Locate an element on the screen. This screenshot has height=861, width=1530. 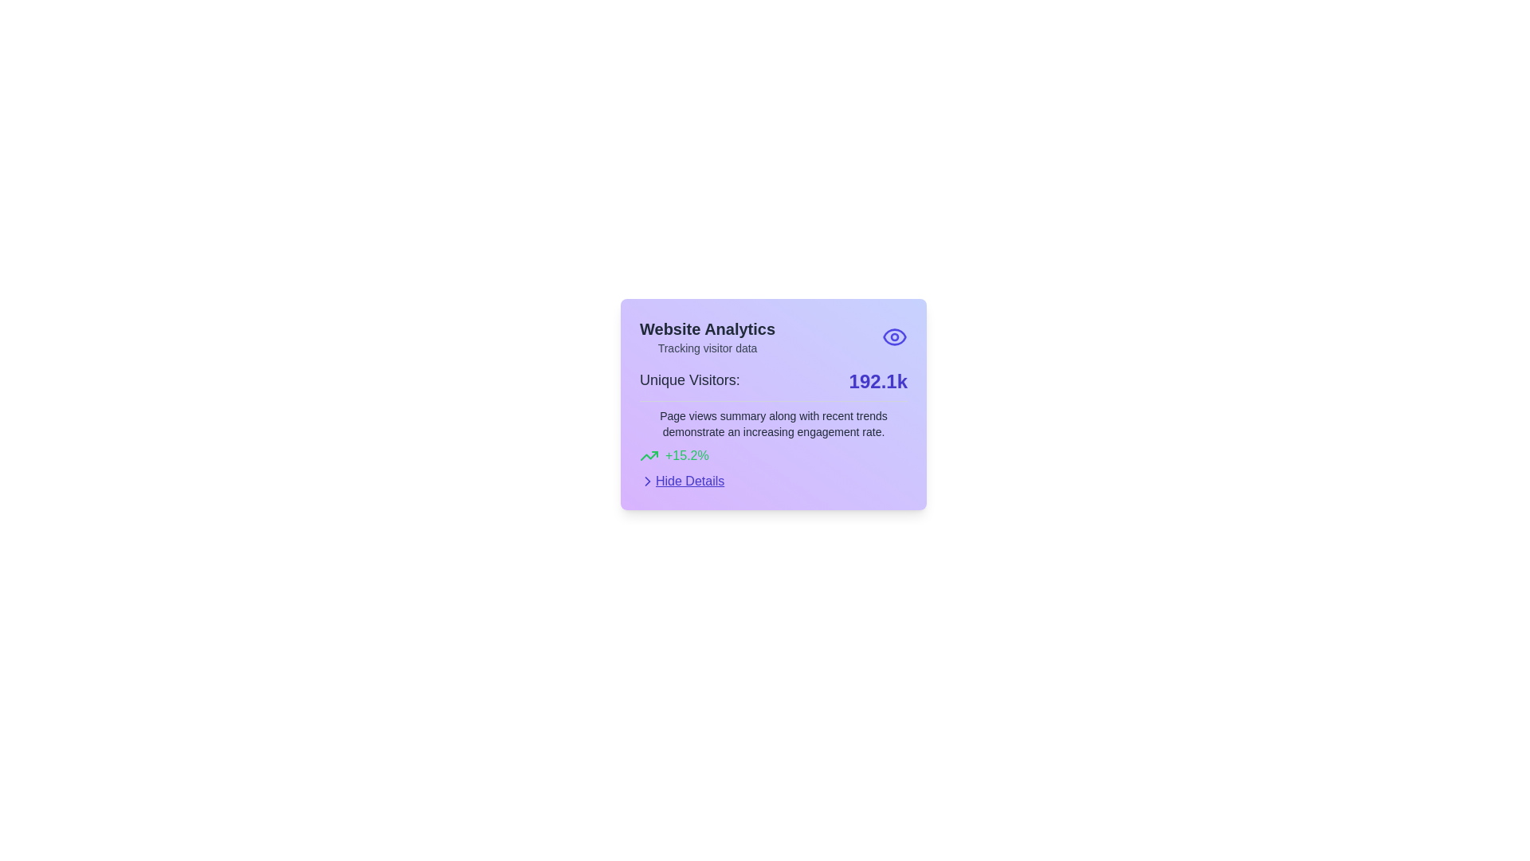
the Text label element, which serves as the title for the card and is located at the top-left section above the text 'Tracking visitor data' is located at coordinates (707, 328).